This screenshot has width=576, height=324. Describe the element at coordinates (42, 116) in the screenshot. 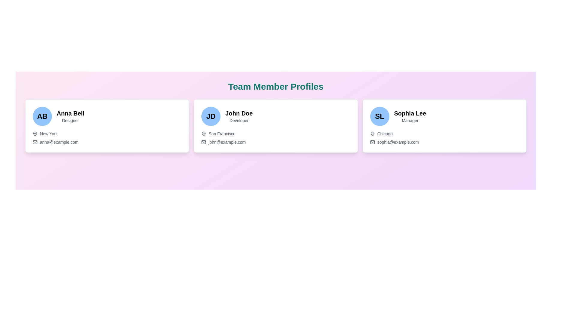

I see `the avatar representing Anna Bell, located in the leftmost card at the top-left, for further interaction` at that location.